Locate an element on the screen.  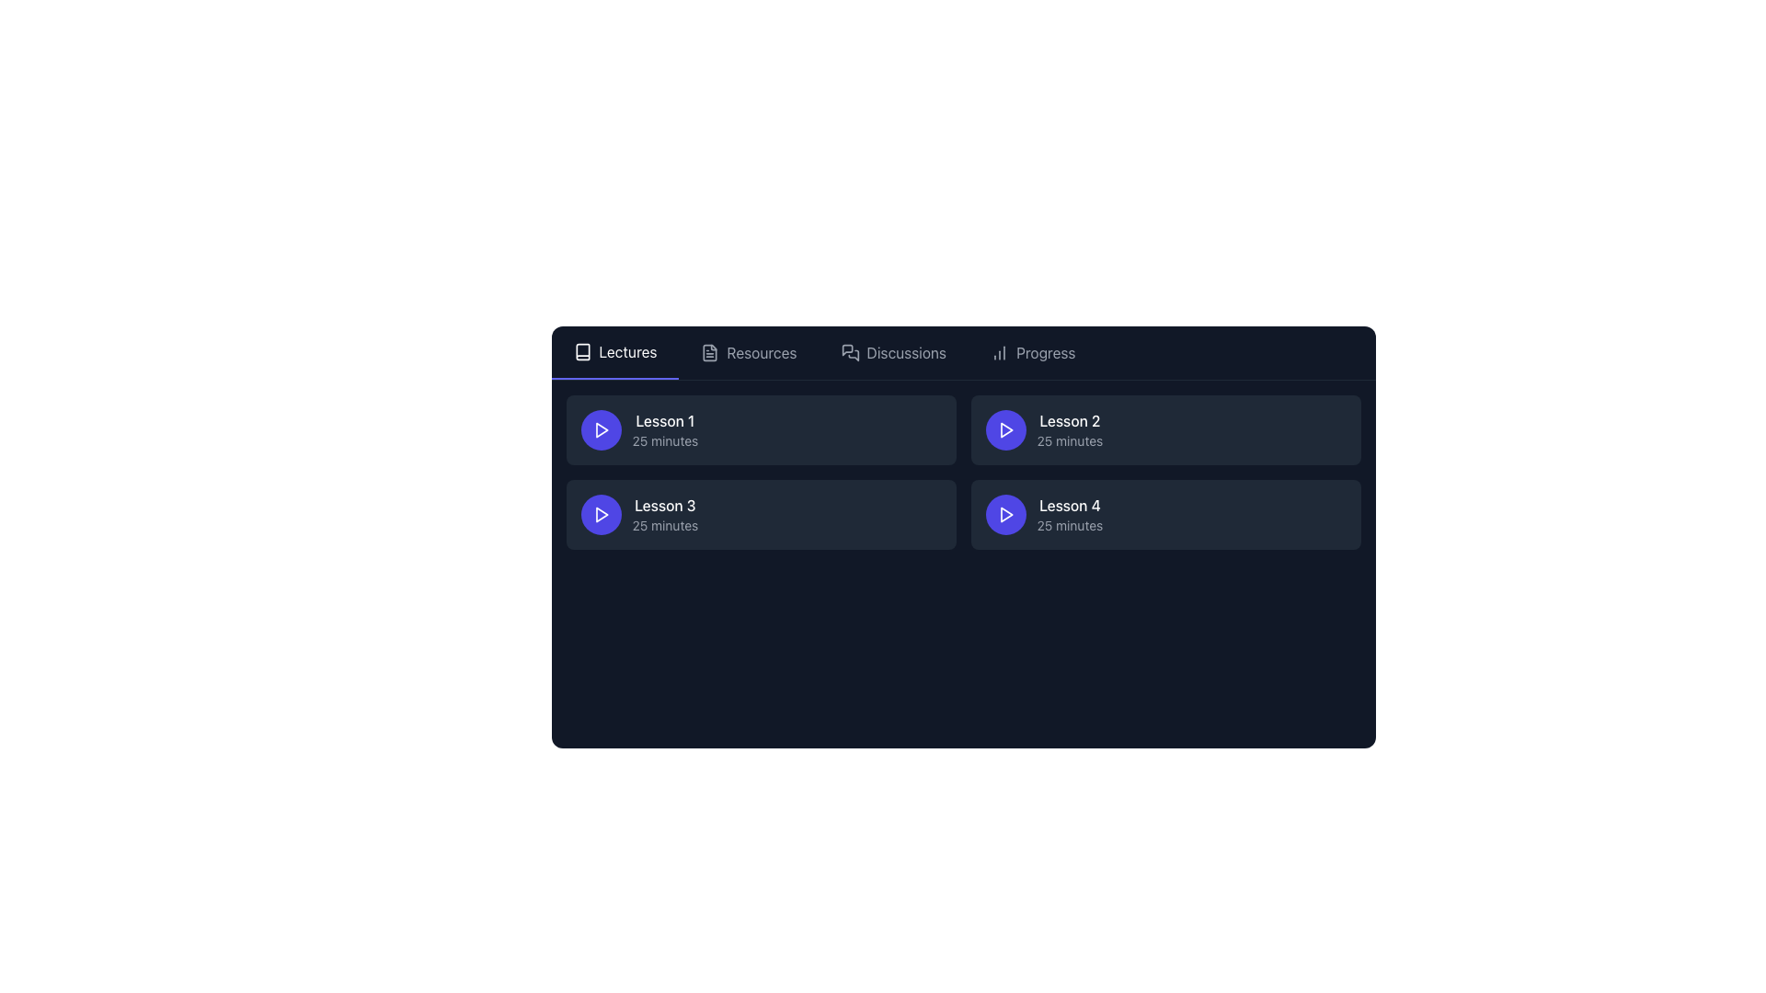
the static text display that conveys the duration information related to 'Lesson 1', located below the 'Lesson 1' text in the top-left corner of a four-item grid layout is located at coordinates (664, 440).